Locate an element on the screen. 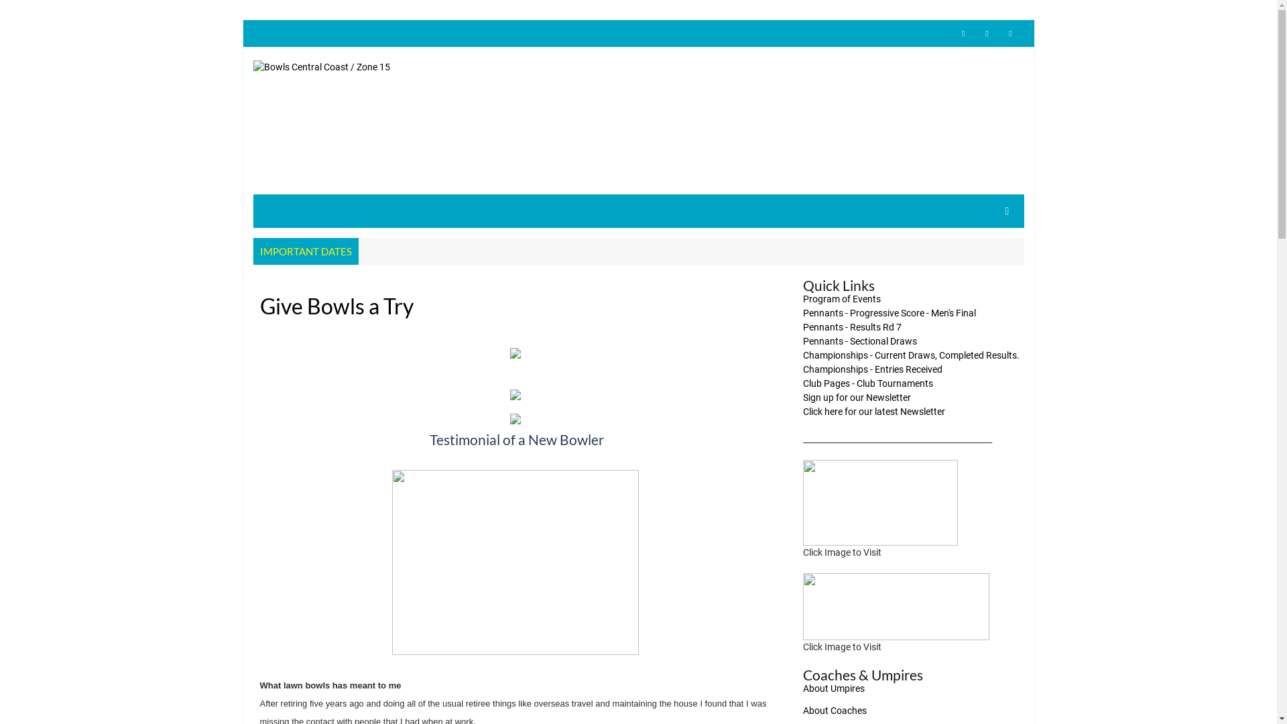 This screenshot has height=724, width=1287. 'instagram' is located at coordinates (1010, 33).